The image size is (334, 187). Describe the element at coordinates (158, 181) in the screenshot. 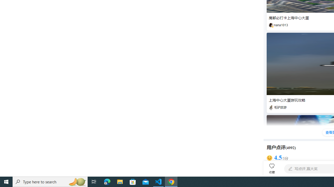

I see `'Visual Studio Code - 1 running window'` at that location.